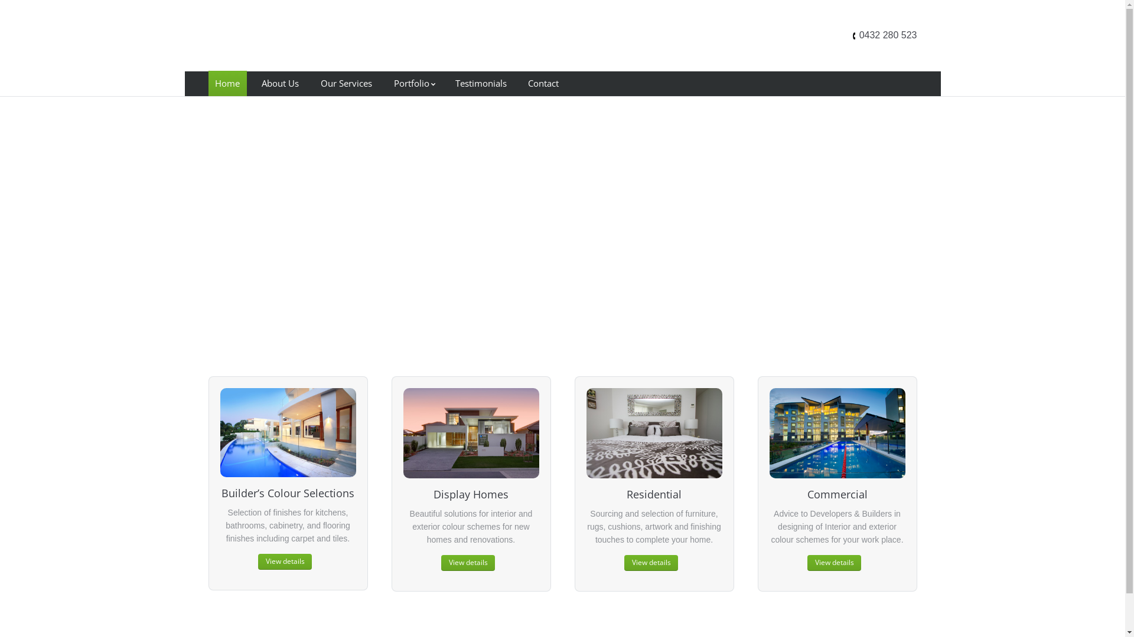  What do you see at coordinates (285, 561) in the screenshot?
I see `'View details'` at bounding box center [285, 561].